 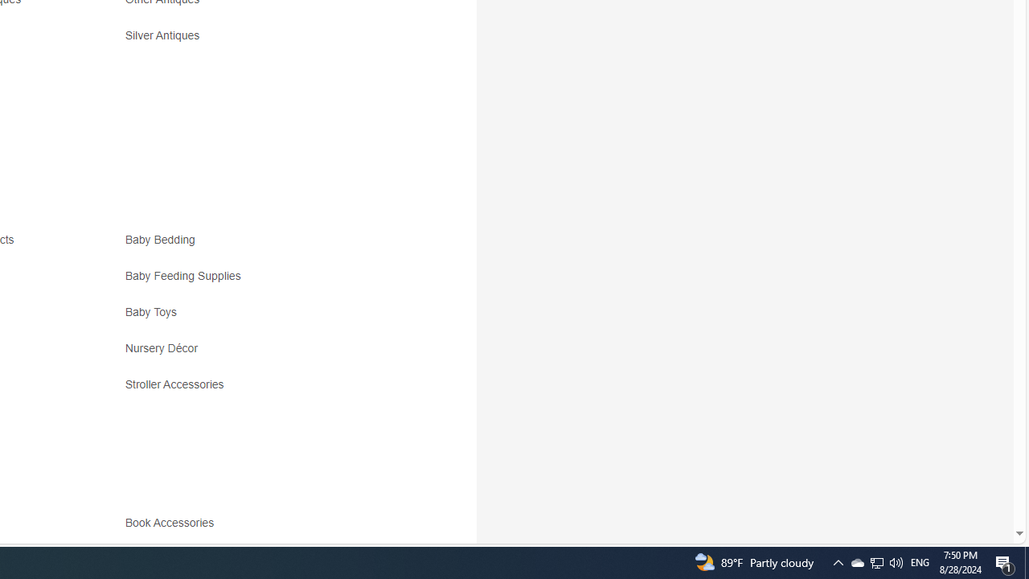 I want to click on 'Baby Feeding Supplies', so click(x=267, y=281).